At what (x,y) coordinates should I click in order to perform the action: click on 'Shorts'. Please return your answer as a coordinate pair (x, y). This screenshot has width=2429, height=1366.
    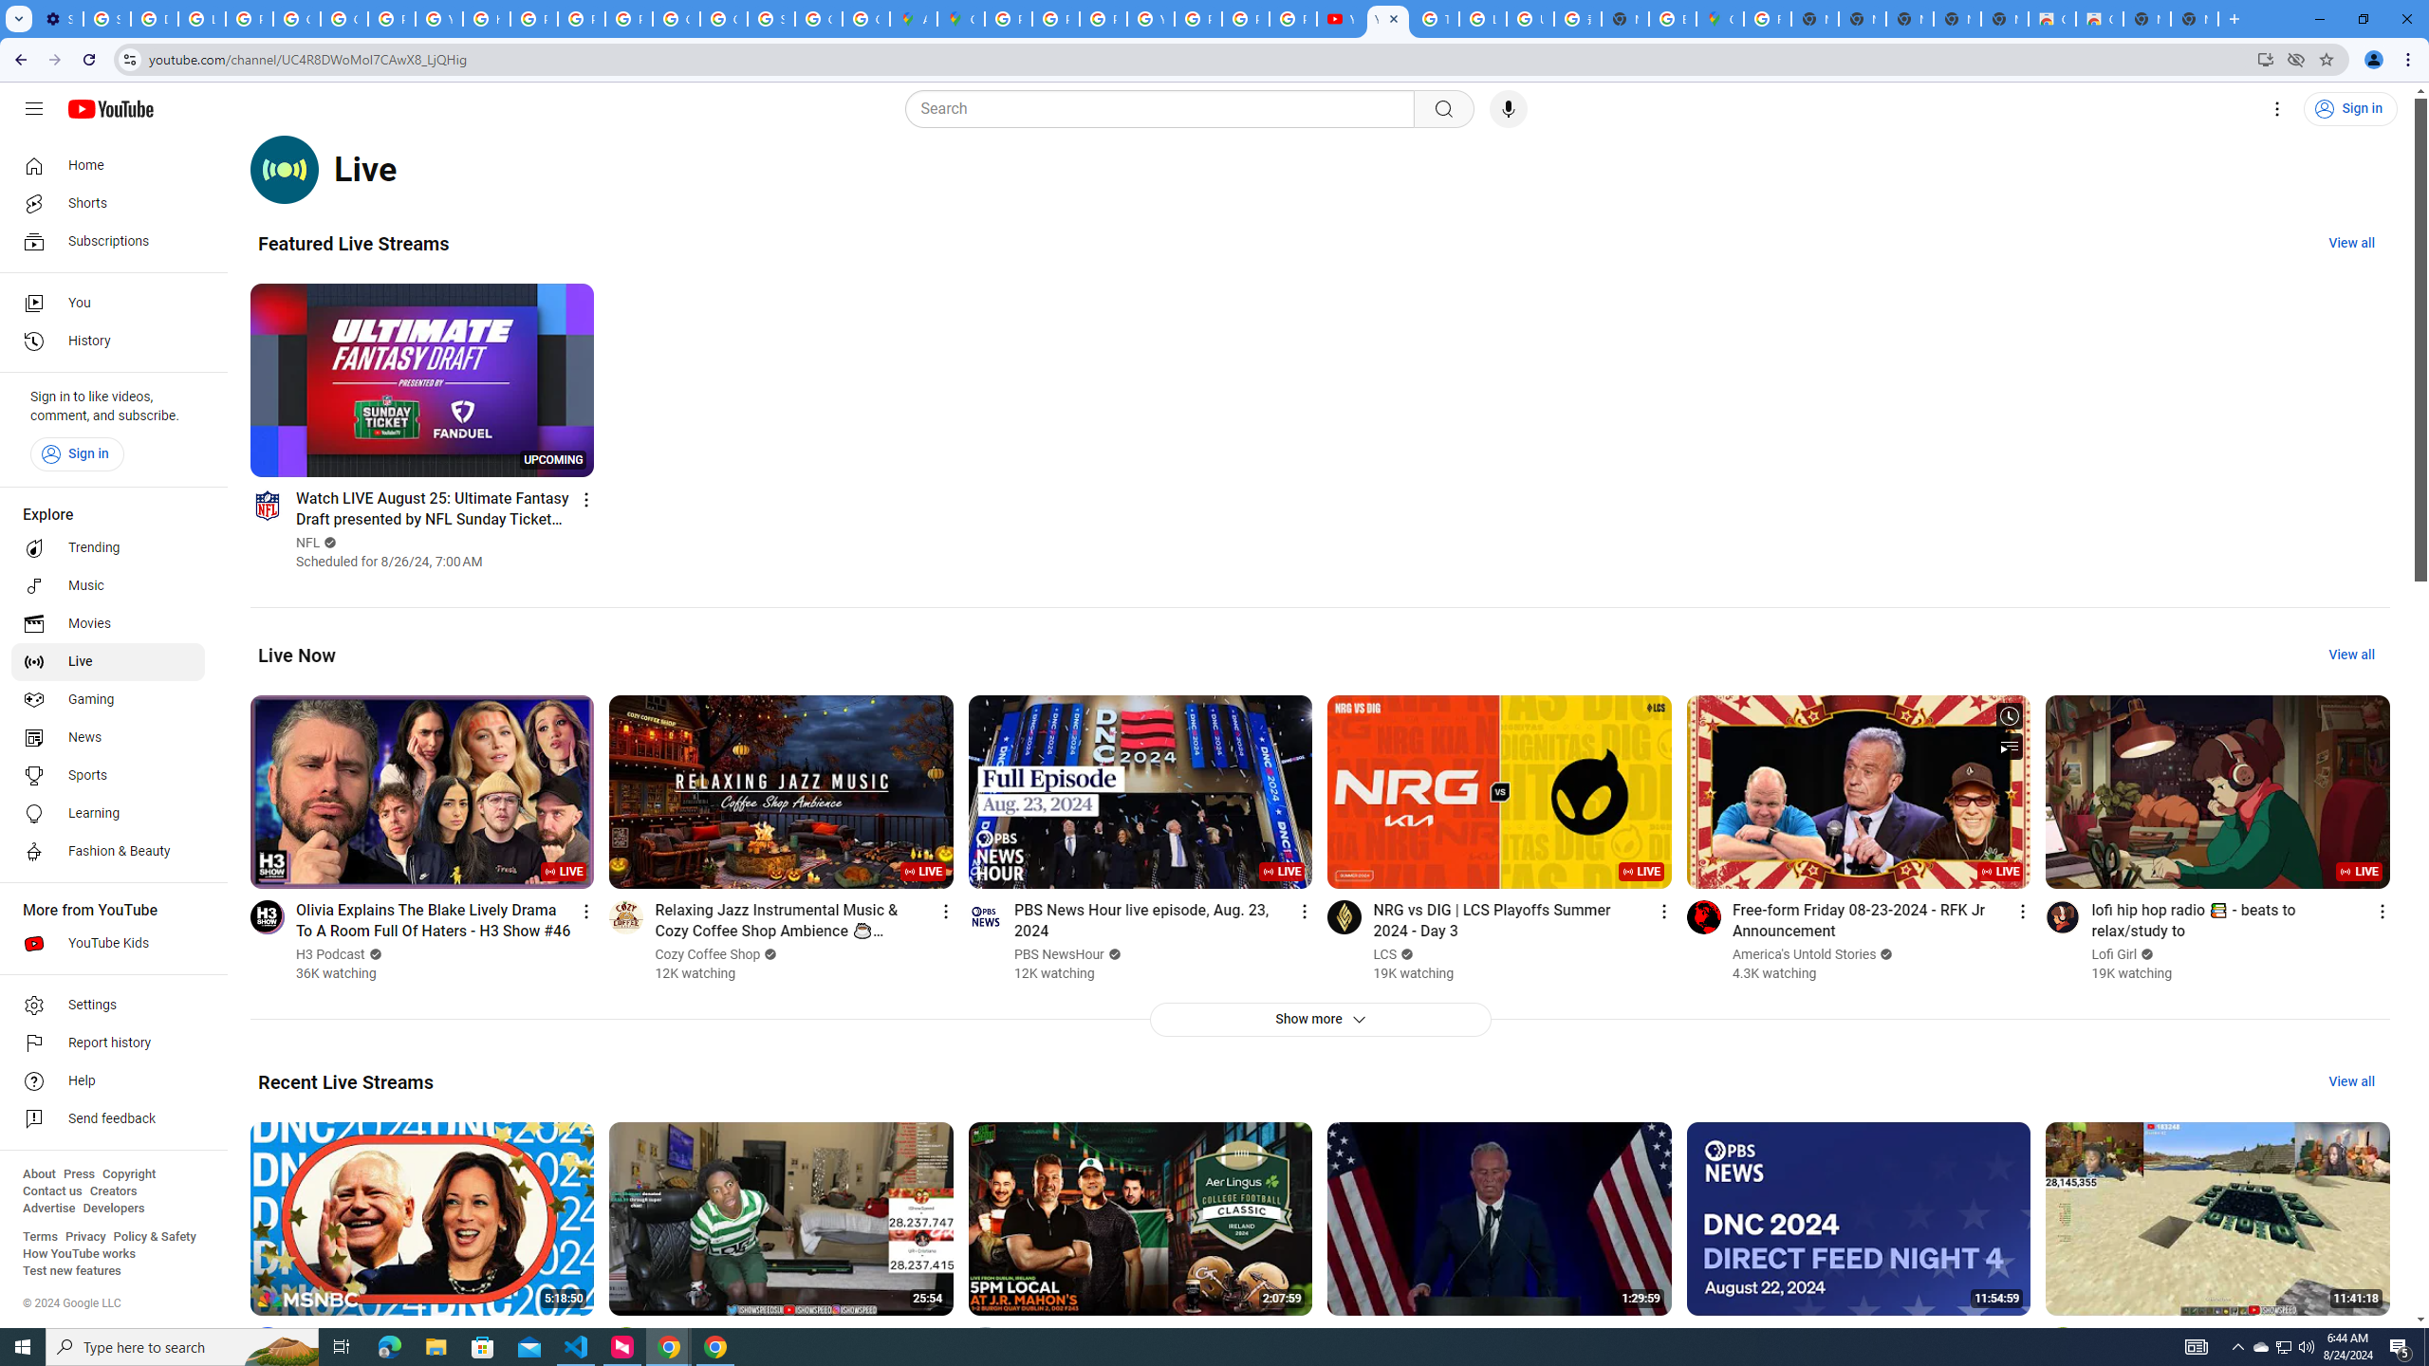
    Looking at the image, I should click on (107, 203).